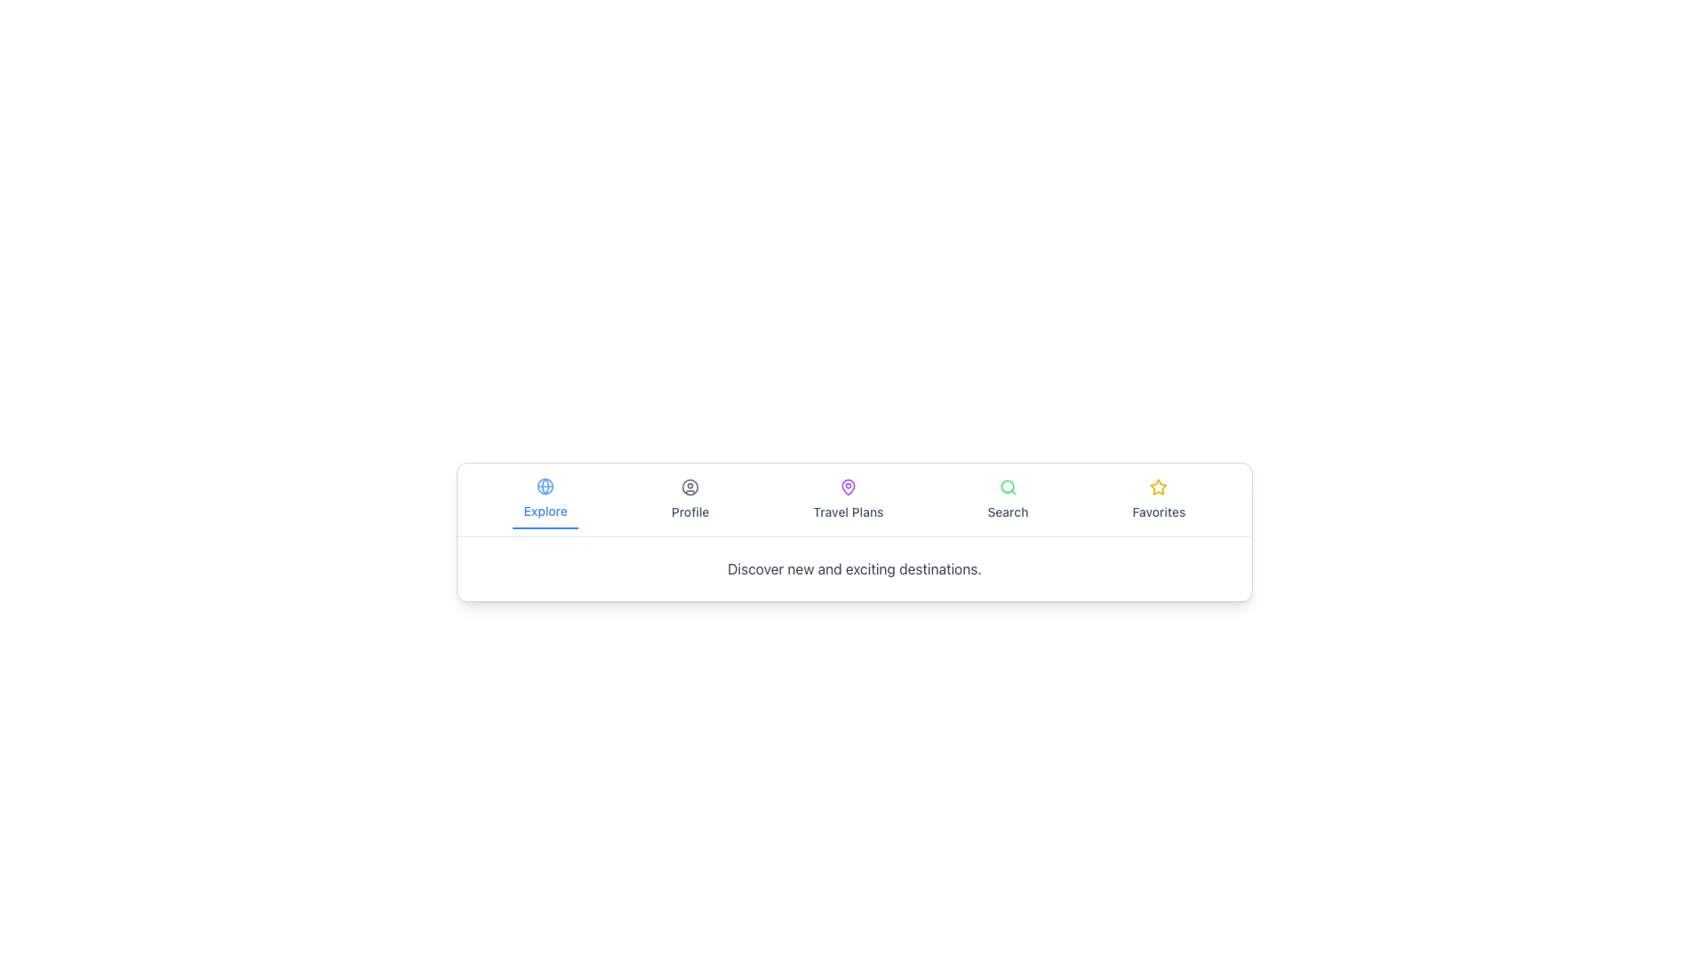 This screenshot has height=959, width=1706. Describe the element at coordinates (1008, 487) in the screenshot. I see `the green outlined magnifying glass icon located above the 'Search' text label in the horizontal navigation bar to initiate a search` at that location.